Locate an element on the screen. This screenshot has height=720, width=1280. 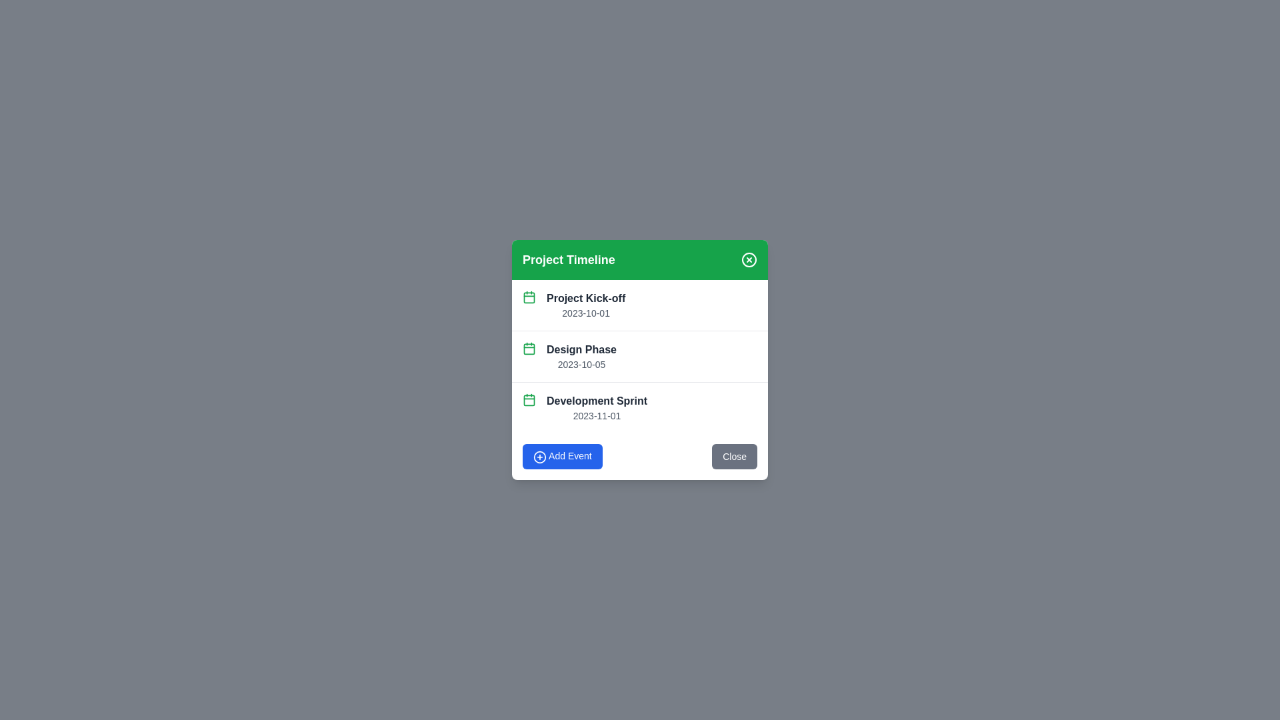
'Add Event' button to add a new event is located at coordinates (562, 455).